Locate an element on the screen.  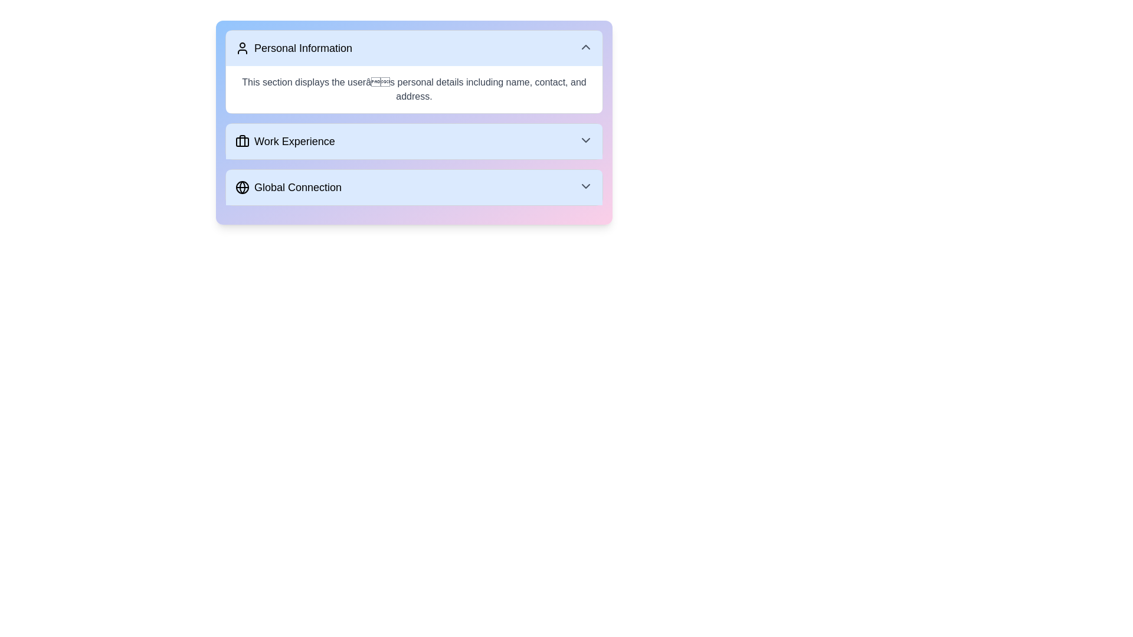
the toggle icon located at the far right of the 'Personal Information' header to change the visibility of the section is located at coordinates (586, 47).